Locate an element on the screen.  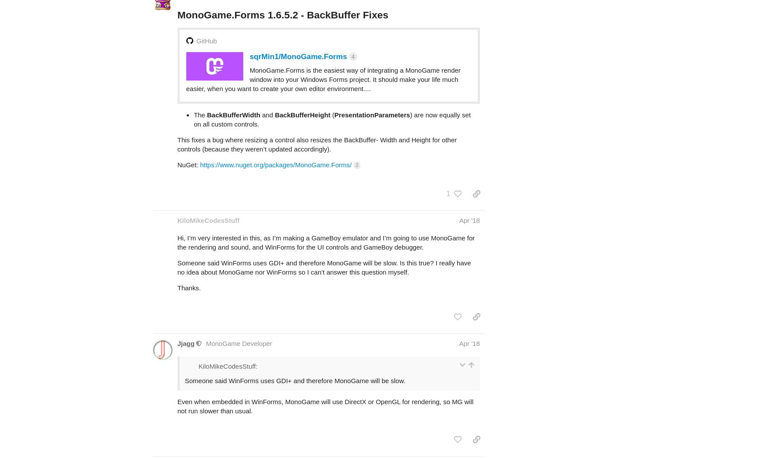
'4' is located at coordinates (351, 21).